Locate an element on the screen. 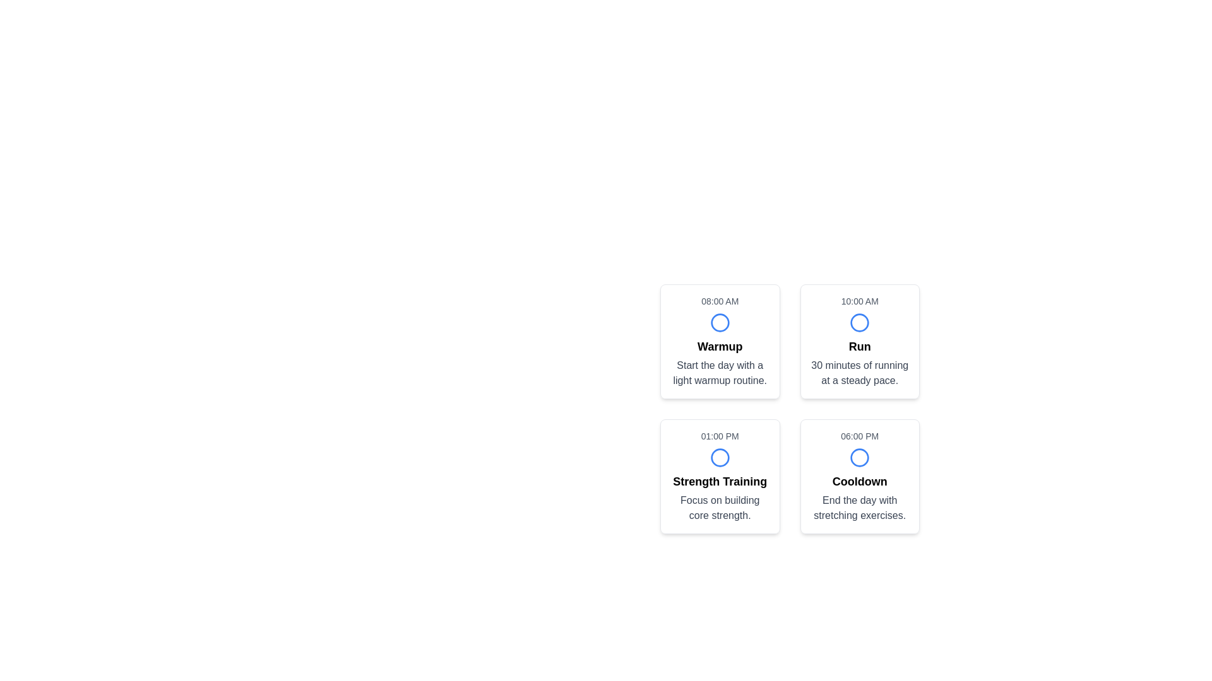 Image resolution: width=1212 pixels, height=681 pixels. the static text label that displays the word 'Cooldown', which is styled with a bold, larger font and is positioned between the activity time '06:00 PM' and the description text below it is located at coordinates (859, 481).